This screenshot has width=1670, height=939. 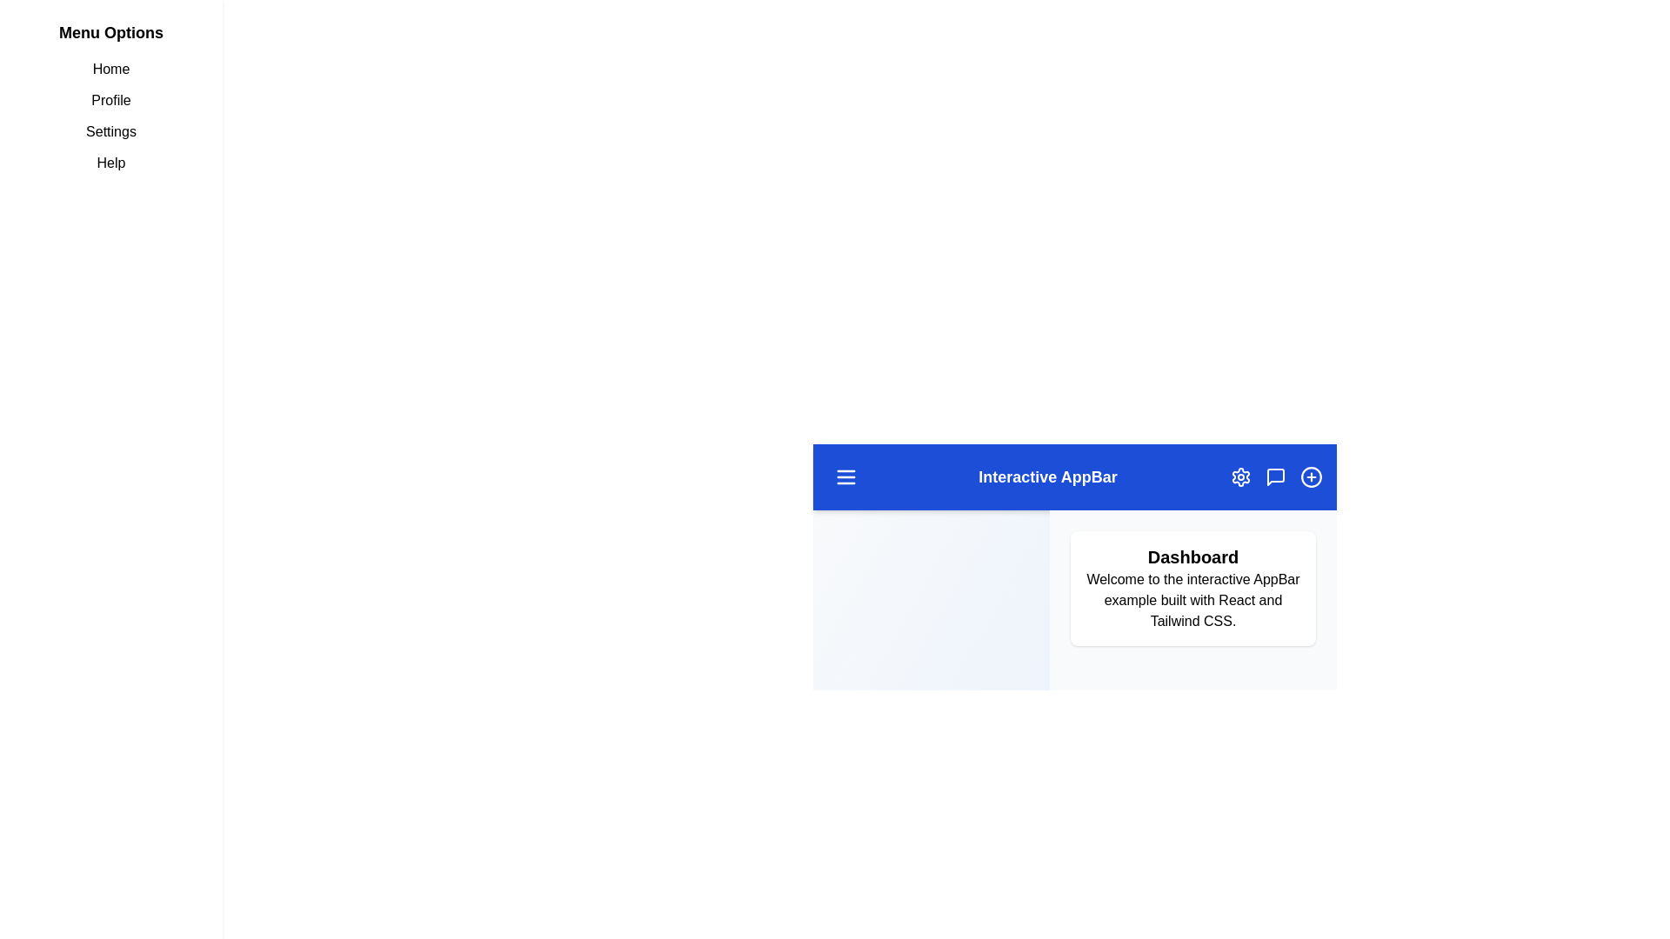 What do you see at coordinates (846, 476) in the screenshot?
I see `menu button to toggle the sidebar visibility` at bounding box center [846, 476].